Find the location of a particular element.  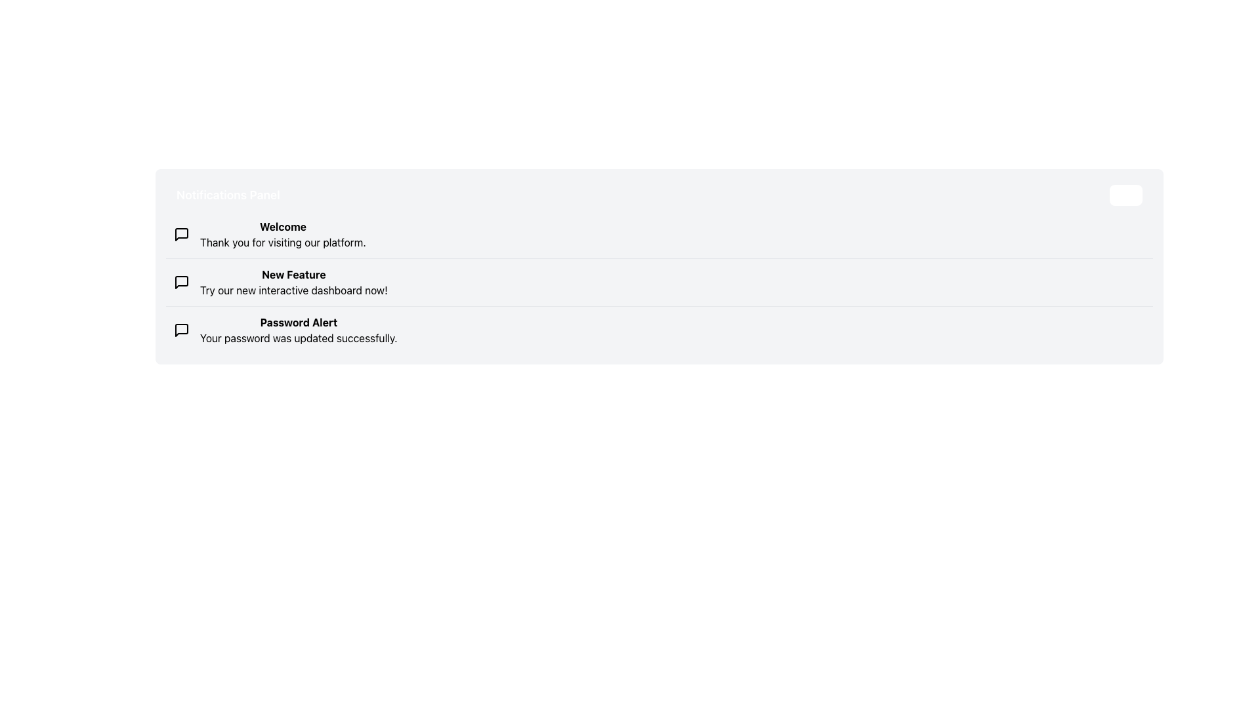

notification about the successful update of the user's password, which is the third item in the vertical notification list is located at coordinates (298, 330).